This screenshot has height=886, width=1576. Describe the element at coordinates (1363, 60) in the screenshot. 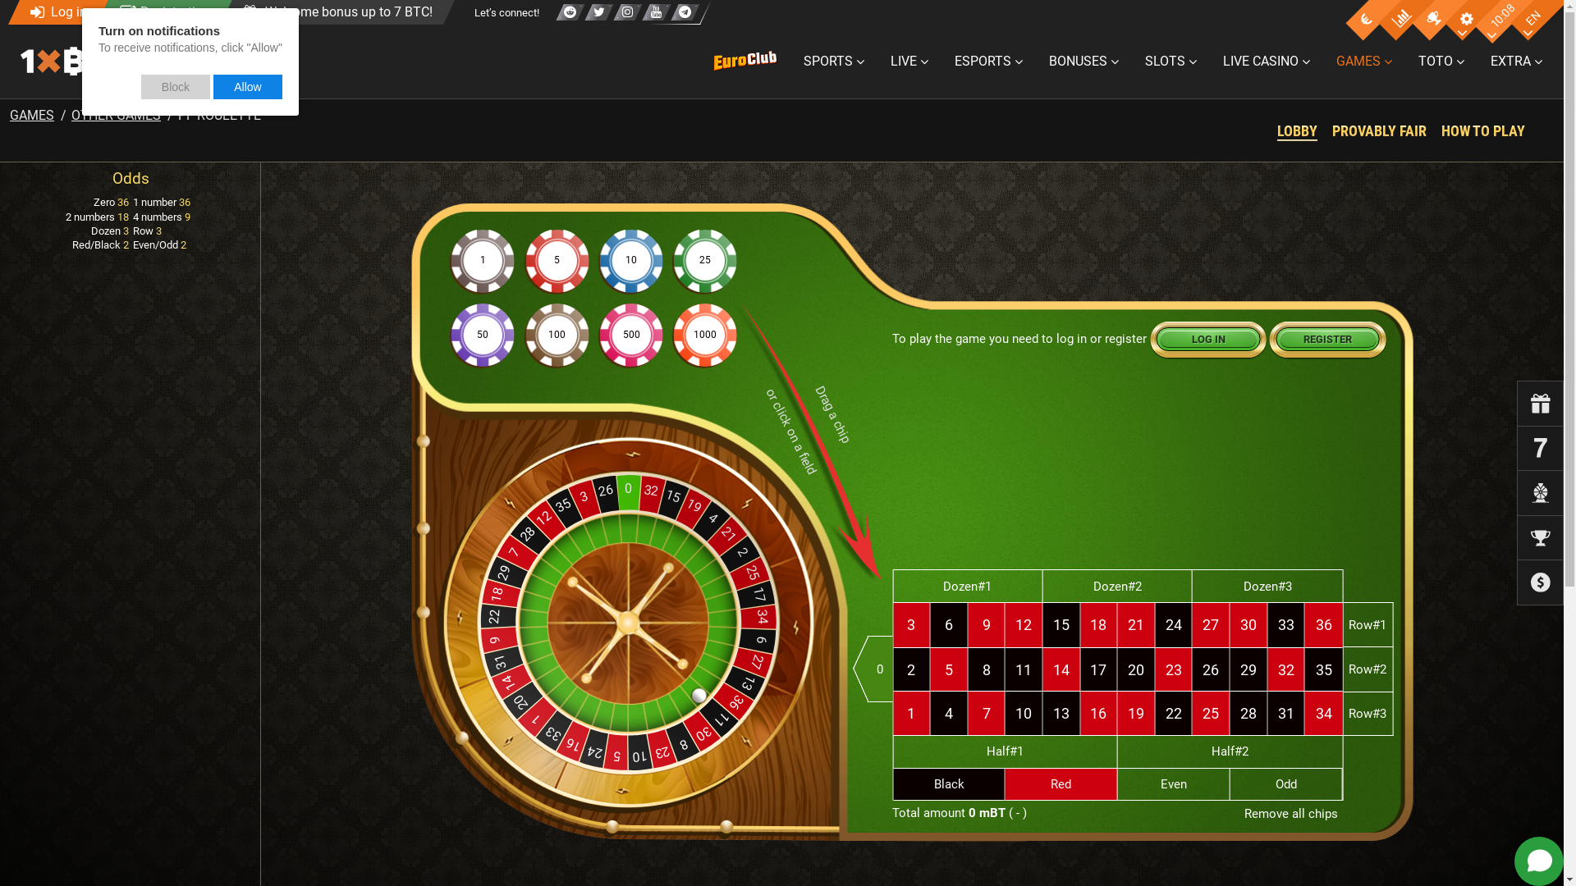

I see `'GAMES'` at that location.